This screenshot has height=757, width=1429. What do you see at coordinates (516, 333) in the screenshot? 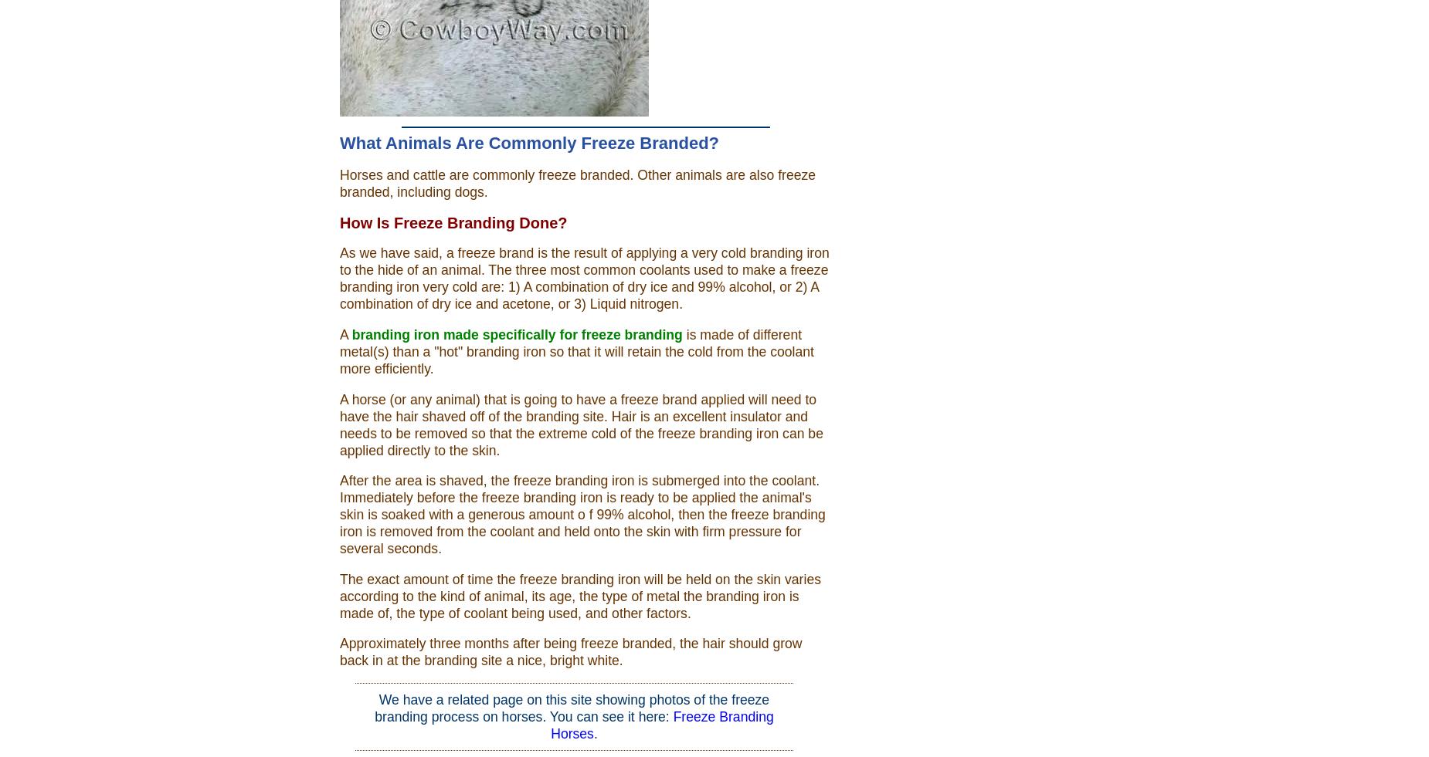
I see `'branding iron made specifically for freeze
branding'` at bounding box center [516, 333].